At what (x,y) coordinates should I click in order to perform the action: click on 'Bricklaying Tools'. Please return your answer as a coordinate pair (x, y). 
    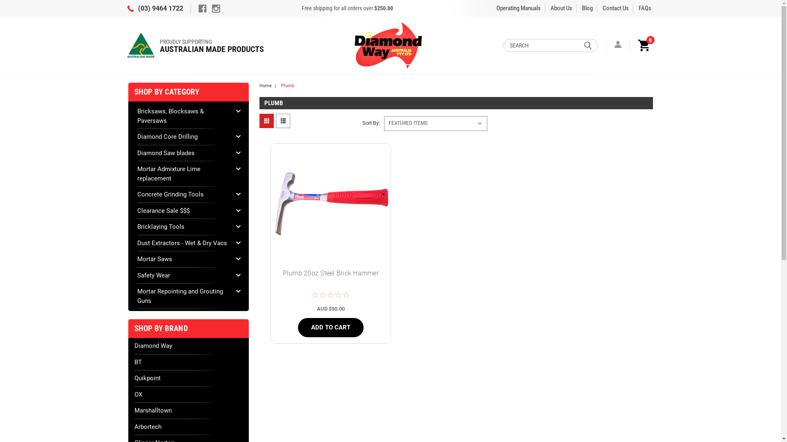
    Looking at the image, I should click on (183, 227).